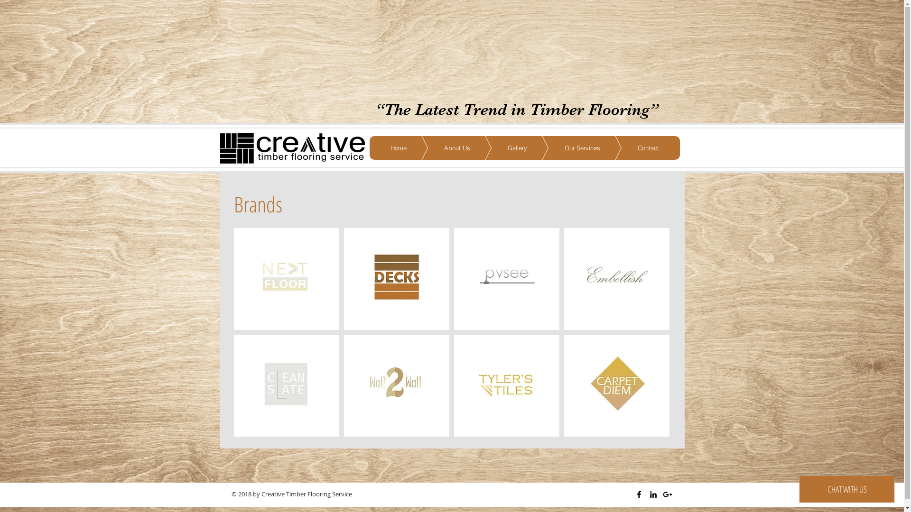 The height and width of the screenshot is (512, 911). Describe the element at coordinates (442, 148) in the screenshot. I see `'About Us'` at that location.